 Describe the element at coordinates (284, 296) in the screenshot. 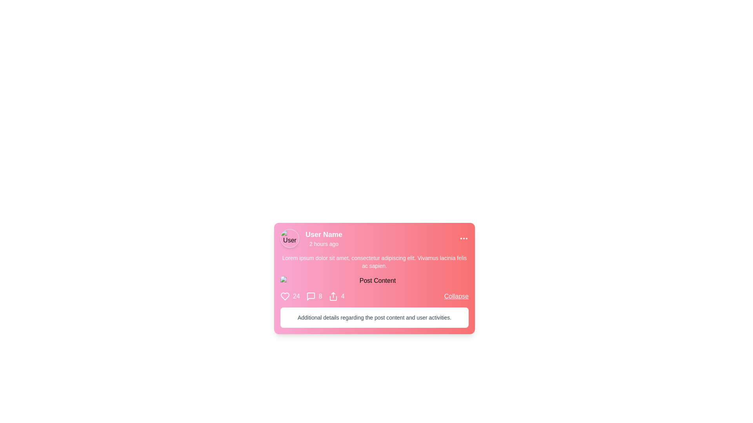

I see `the heart icon button located in the lower-left quadrant of the post card` at that location.